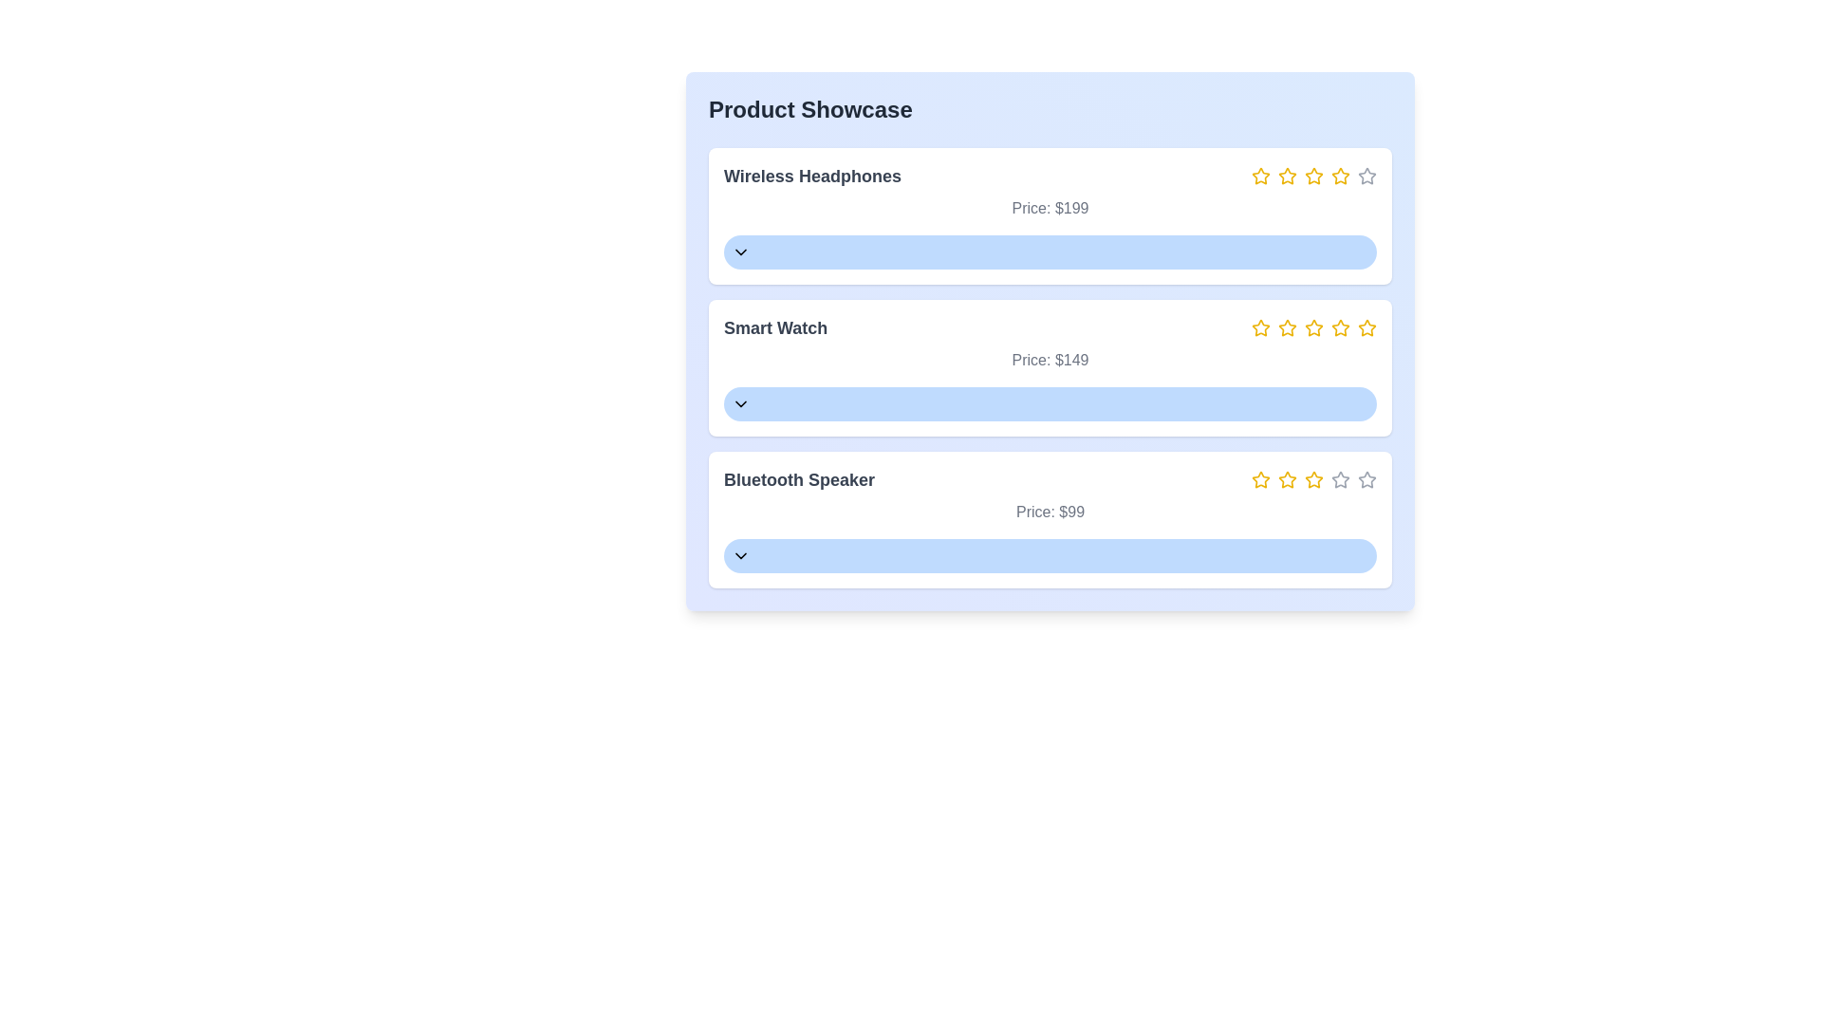  Describe the element at coordinates (1366, 478) in the screenshot. I see `the fifth star icon representing an unselected rating option in the Bluetooth Speaker product rating system using keyboard navigation for accessibility` at that location.